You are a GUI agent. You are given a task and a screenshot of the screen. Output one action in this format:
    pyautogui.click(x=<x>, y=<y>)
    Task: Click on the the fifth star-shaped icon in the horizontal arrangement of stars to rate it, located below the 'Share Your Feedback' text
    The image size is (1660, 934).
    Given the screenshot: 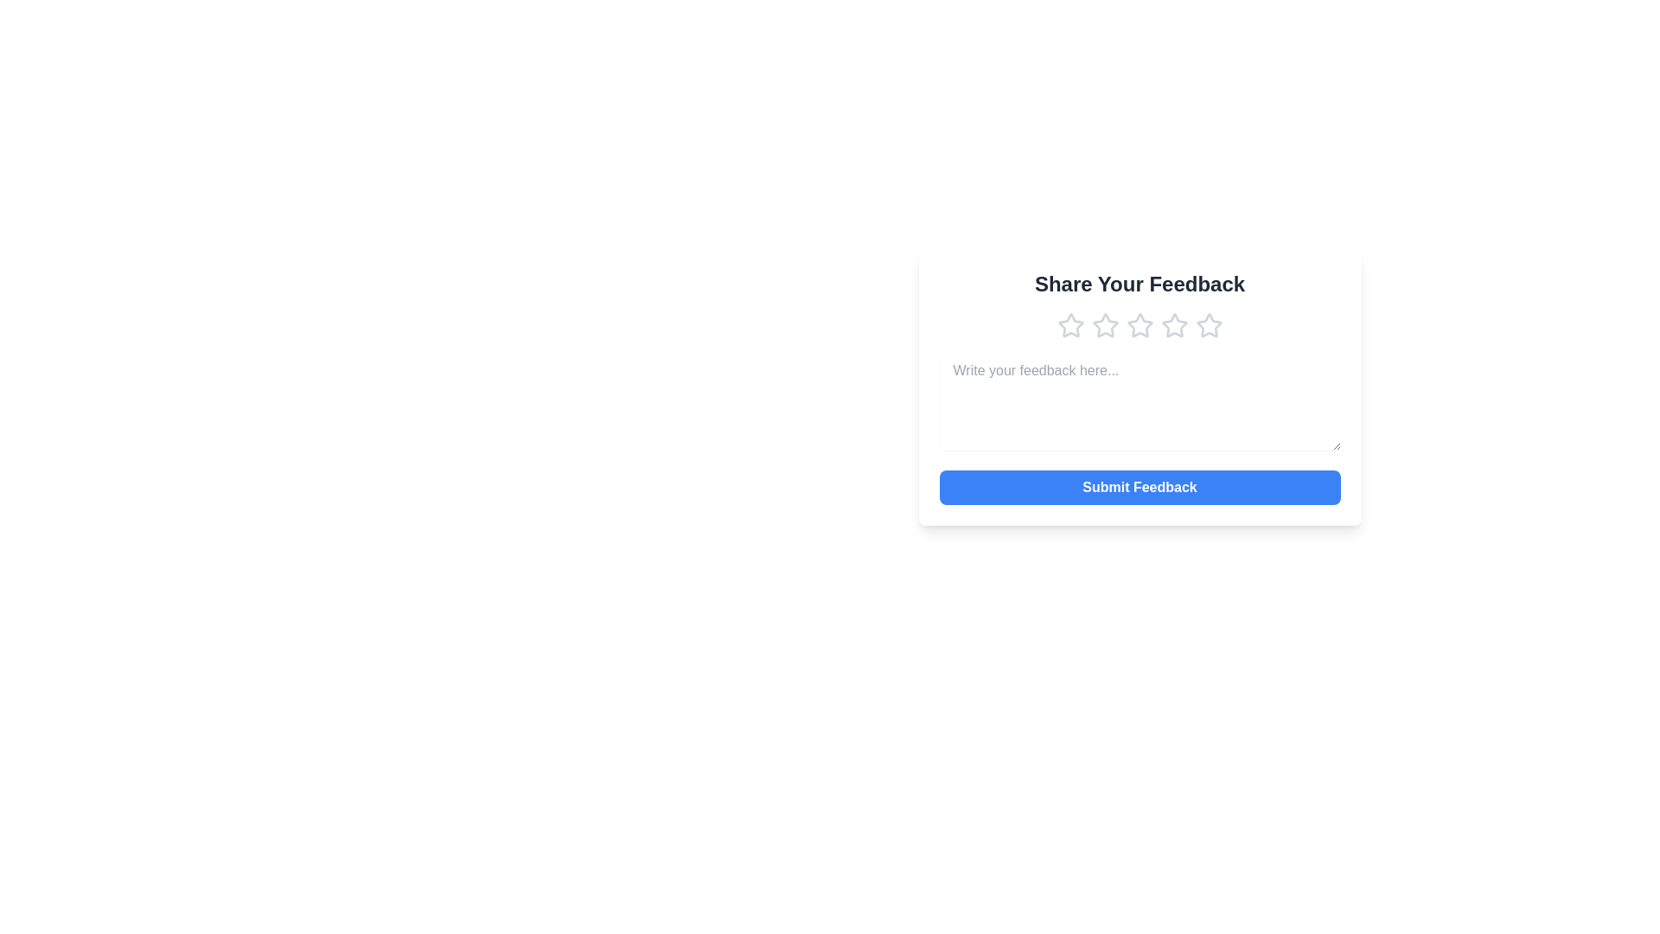 What is the action you would take?
    pyautogui.click(x=1208, y=326)
    